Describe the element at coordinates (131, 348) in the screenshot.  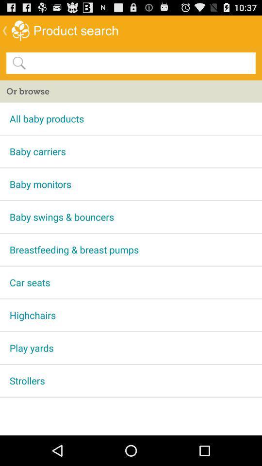
I see `app above strollers app` at that location.